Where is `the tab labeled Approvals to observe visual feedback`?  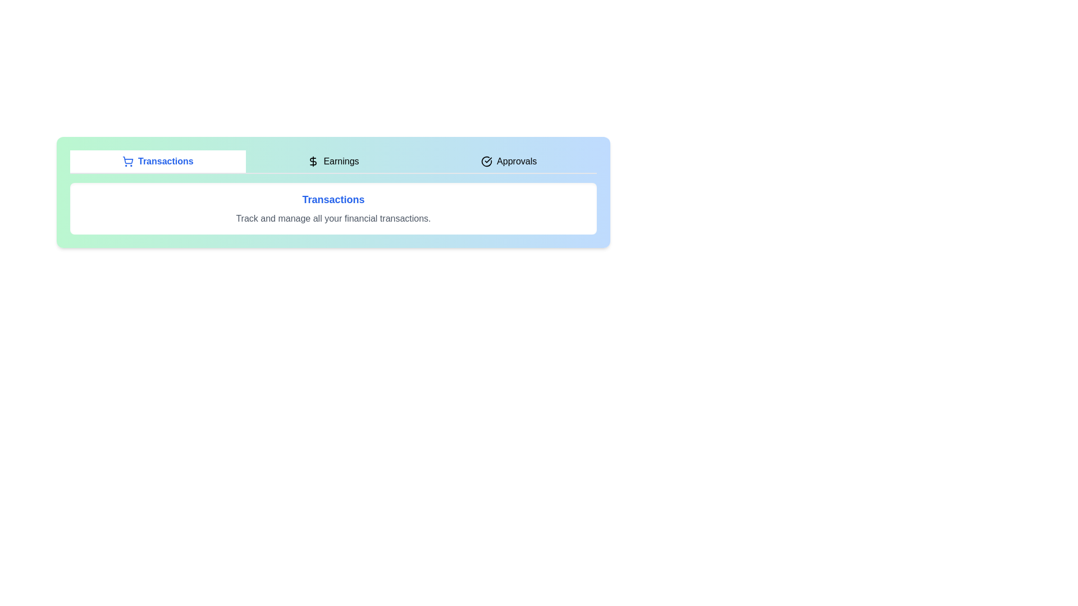 the tab labeled Approvals to observe visual feedback is located at coordinates (508, 162).